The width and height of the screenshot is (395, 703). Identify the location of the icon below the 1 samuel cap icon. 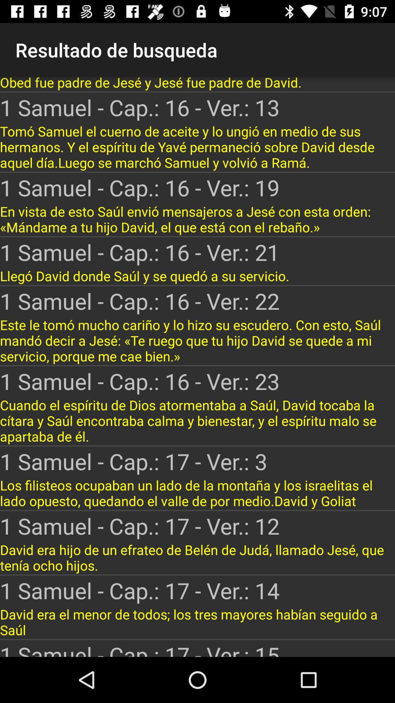
(197, 493).